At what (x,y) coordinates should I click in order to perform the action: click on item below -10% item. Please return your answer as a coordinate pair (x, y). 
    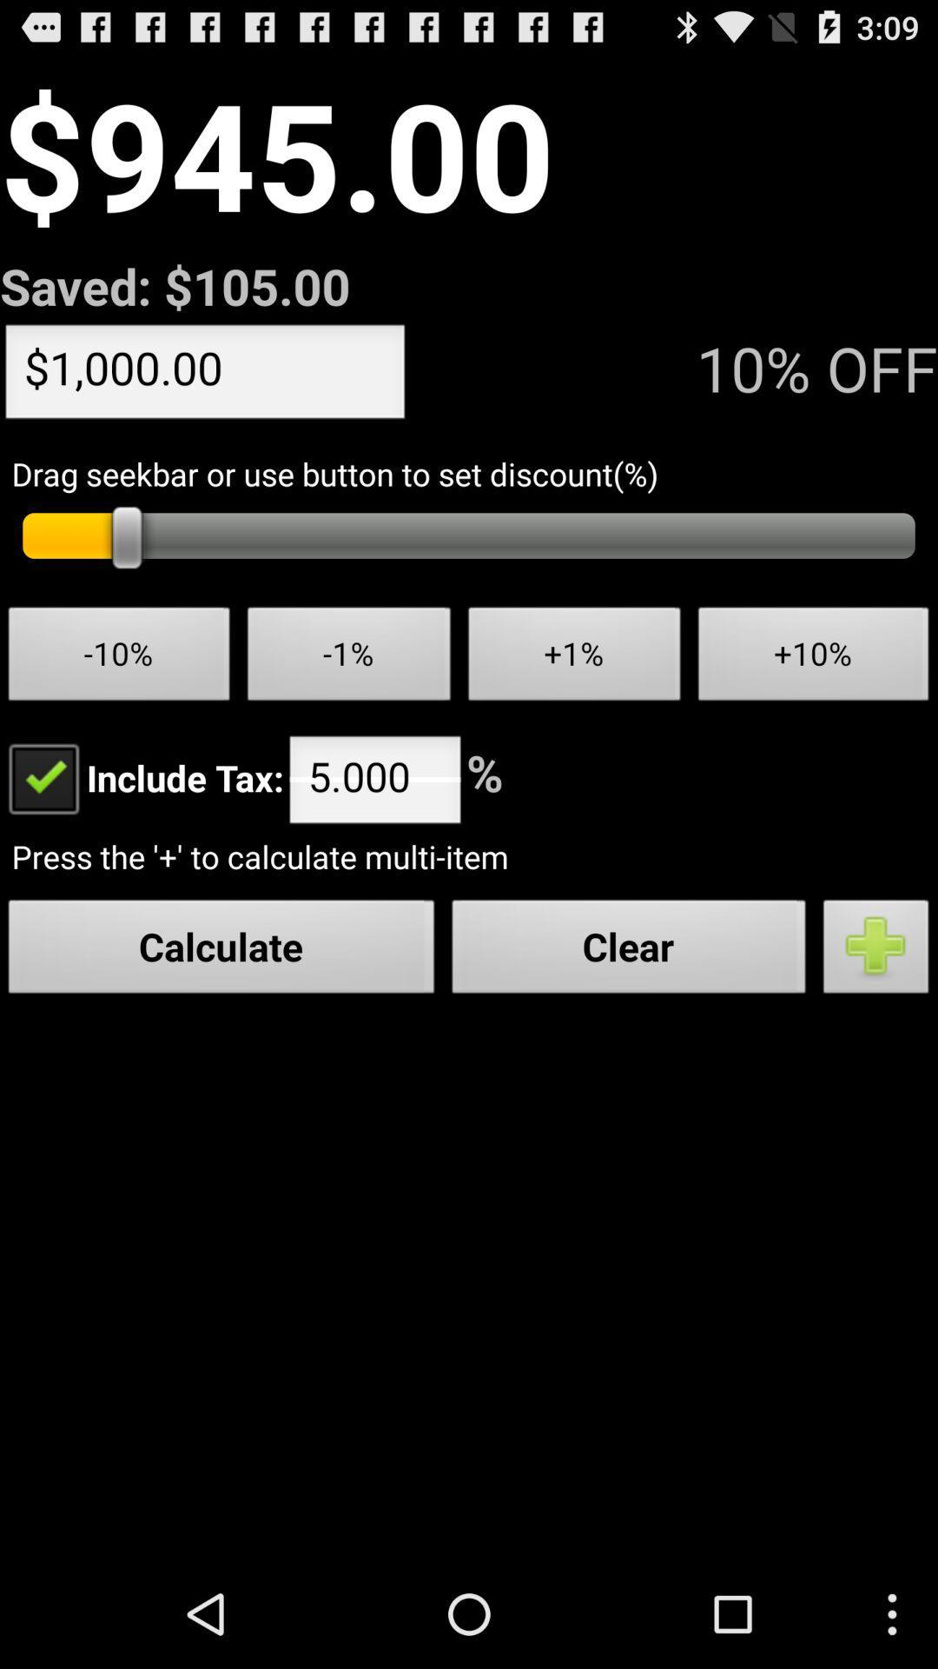
    Looking at the image, I should click on (141, 776).